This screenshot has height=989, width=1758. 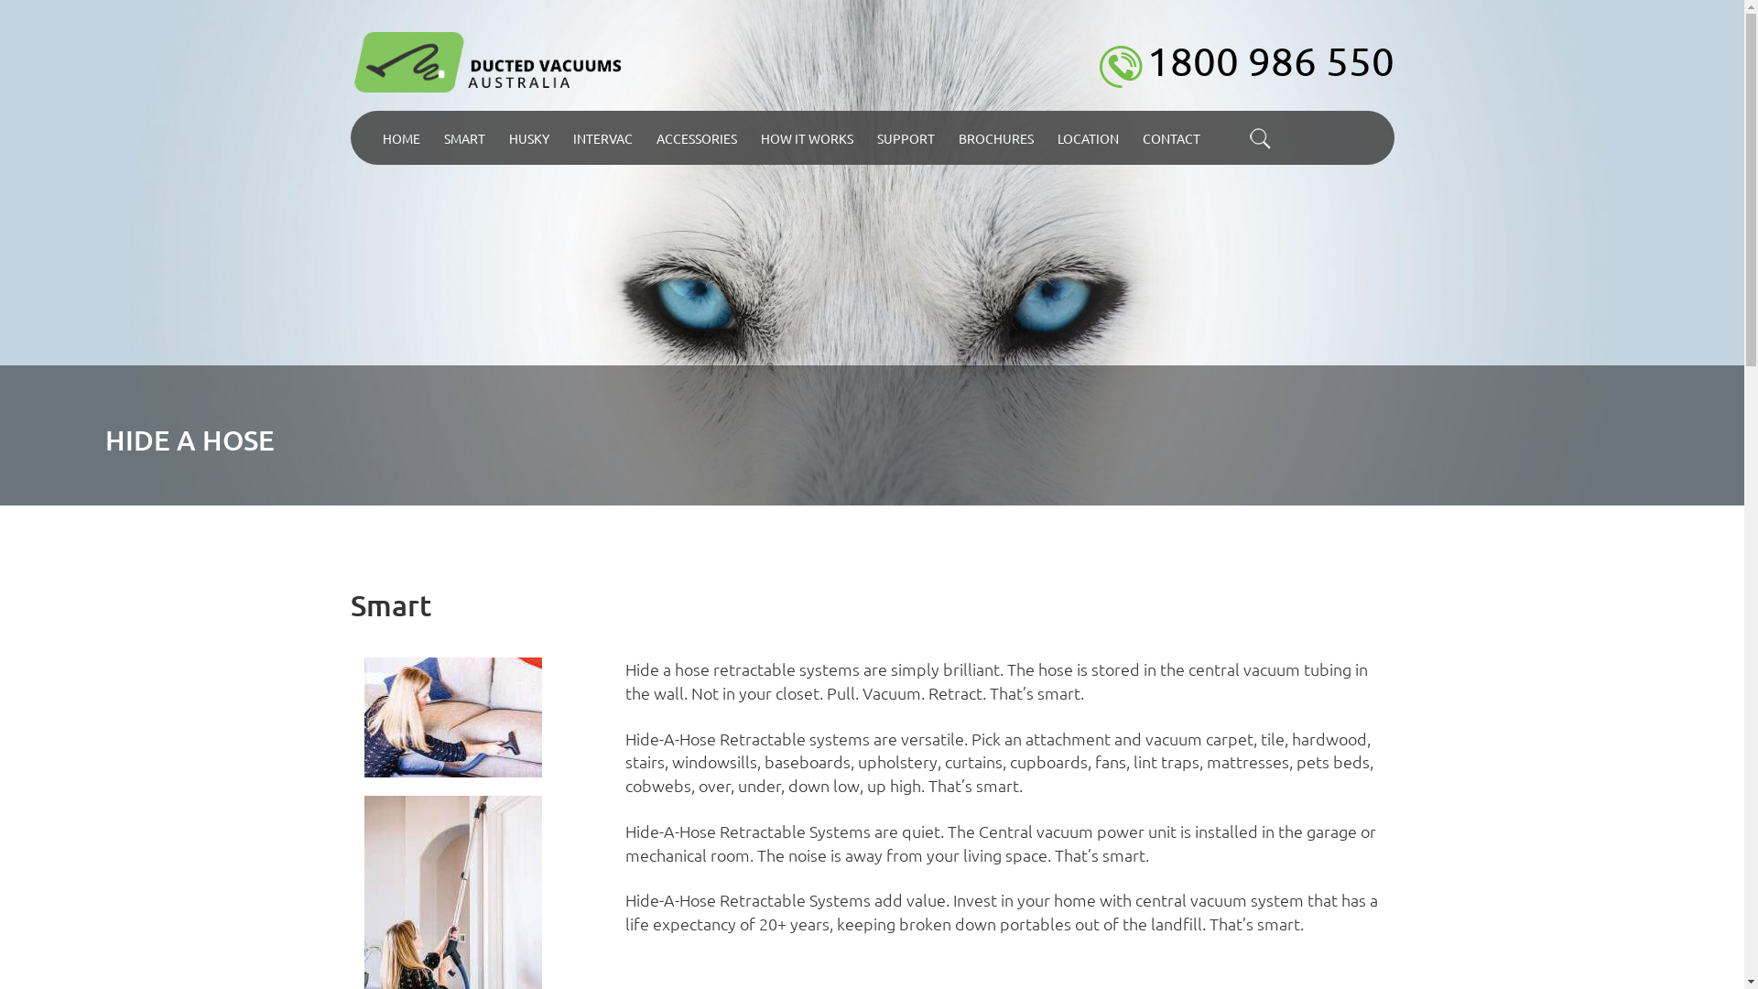 I want to click on 'HUSKY', so click(x=526, y=136).